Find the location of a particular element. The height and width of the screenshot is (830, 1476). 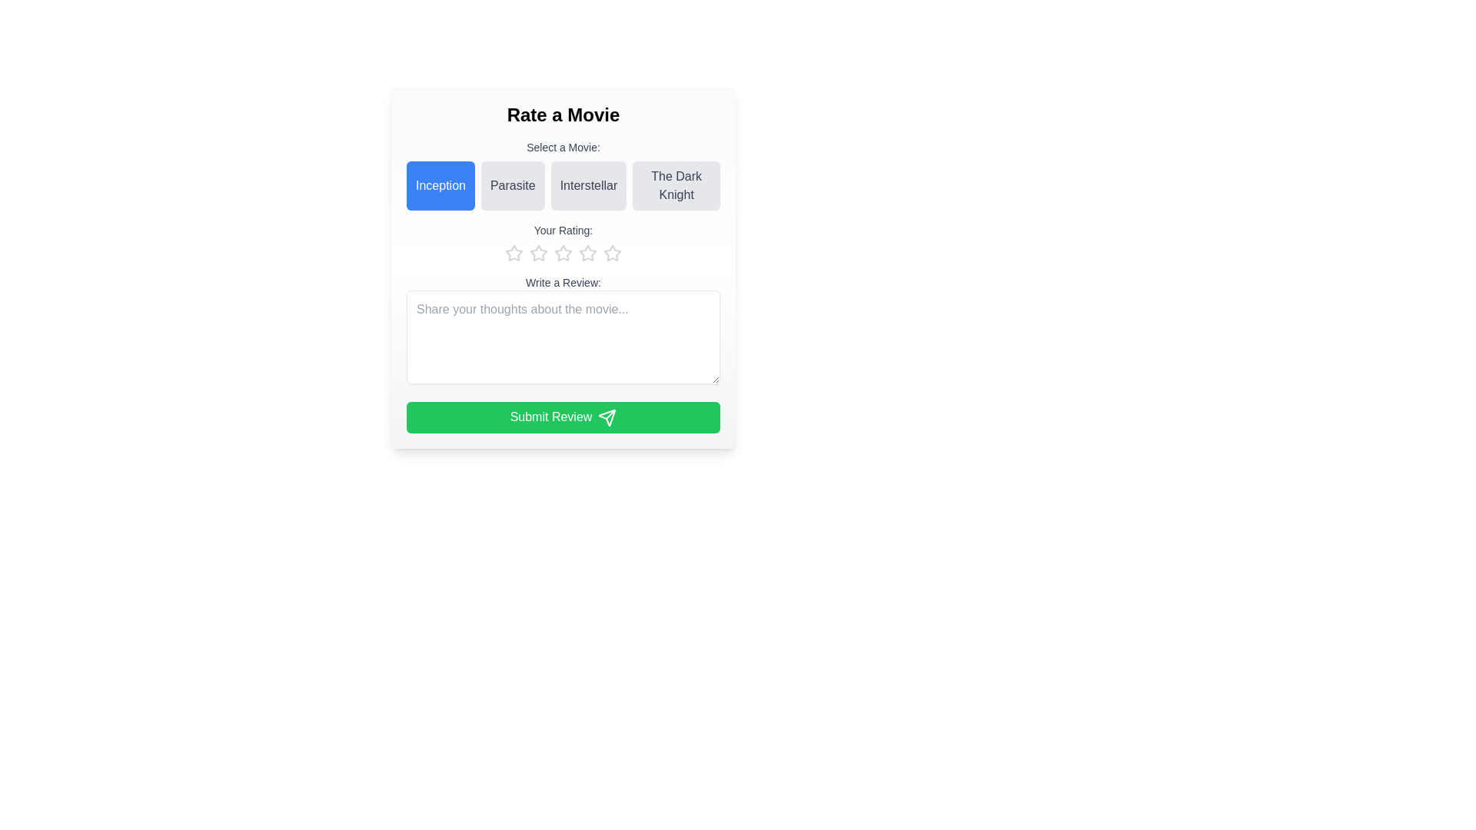

the fourth star icon from the left in the row of rating stars, located below the 'Your Rating' label is located at coordinates (587, 253).